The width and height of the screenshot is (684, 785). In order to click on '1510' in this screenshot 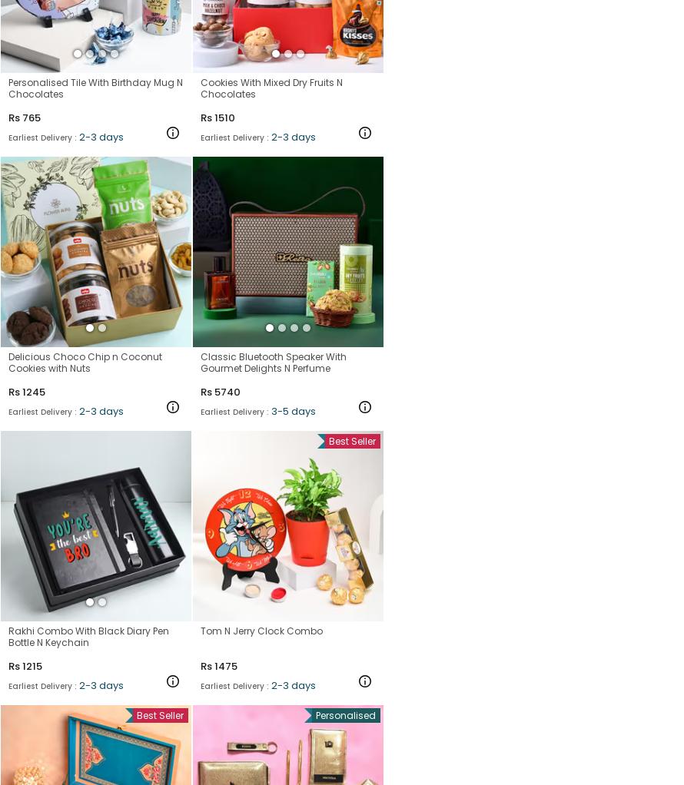, I will do `click(224, 116)`.